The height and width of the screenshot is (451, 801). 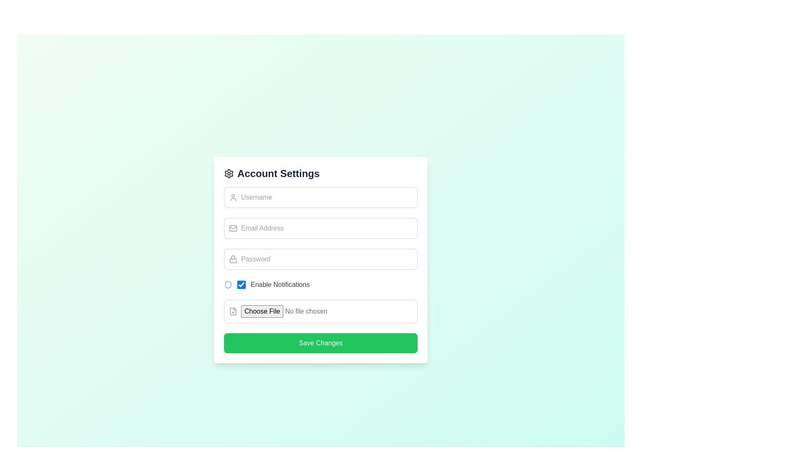 What do you see at coordinates (273, 284) in the screenshot?
I see `the checkbox in the fourth row of the form layout` at bounding box center [273, 284].